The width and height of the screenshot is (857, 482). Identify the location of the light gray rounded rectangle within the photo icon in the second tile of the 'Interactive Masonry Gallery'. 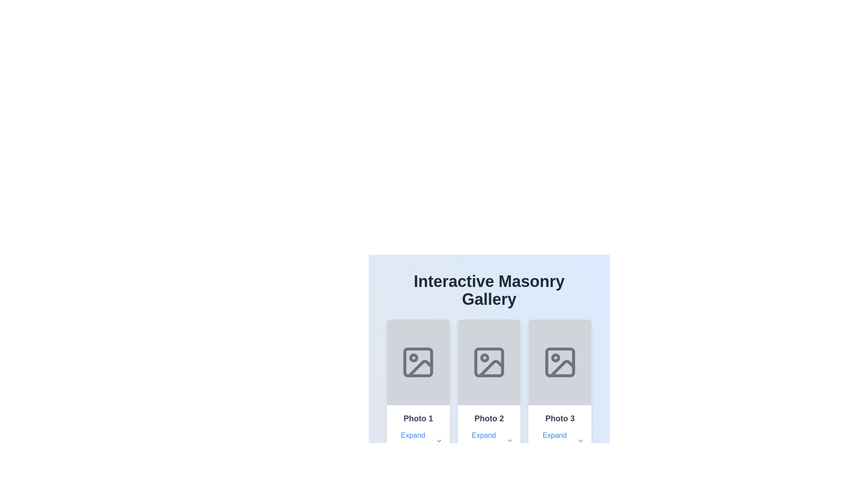
(488, 362).